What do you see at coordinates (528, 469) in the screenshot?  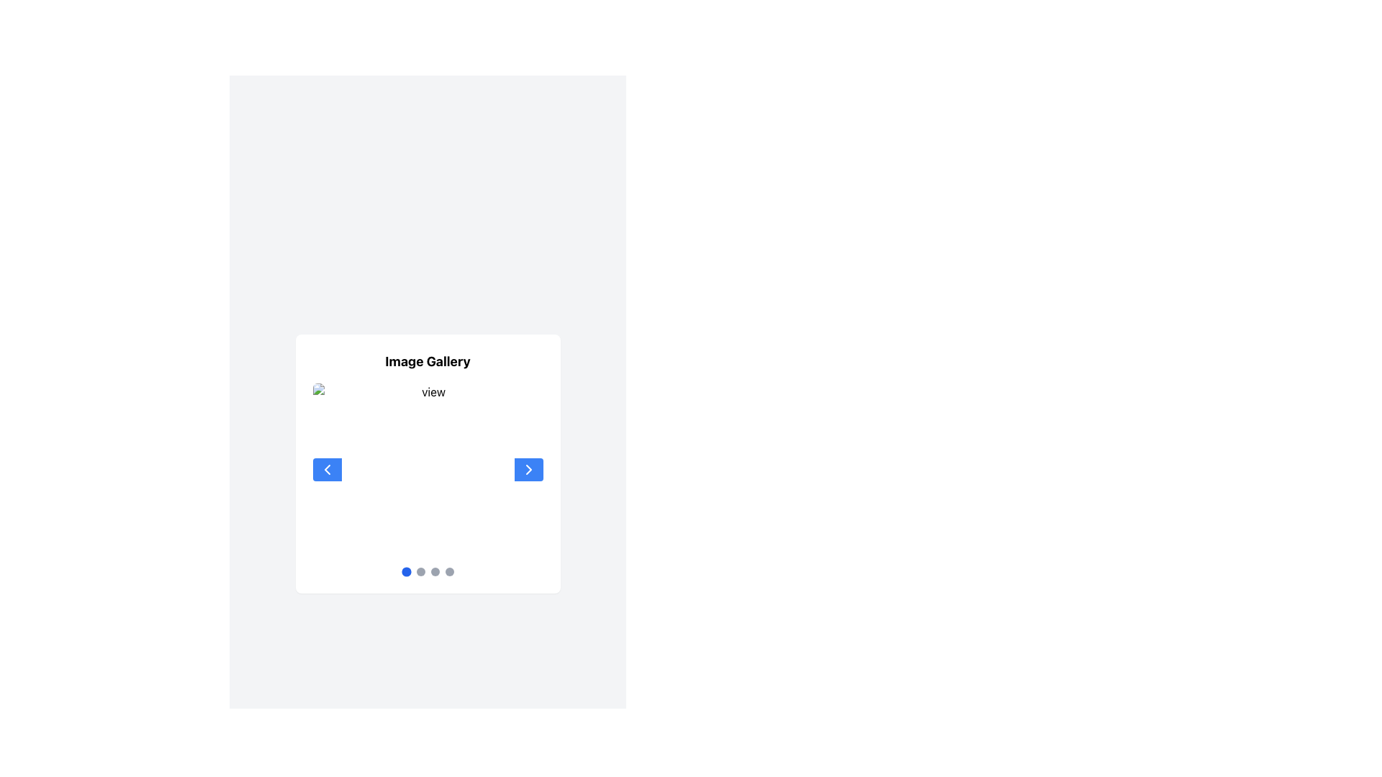 I see `the right-pointing chevron icon that is part of the 'Next Image' button to trigger a visual or informational cue` at bounding box center [528, 469].